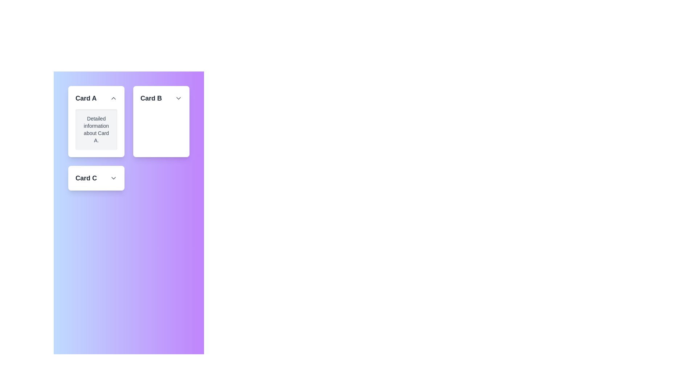 This screenshot has height=392, width=697. What do you see at coordinates (96, 129) in the screenshot?
I see `text content from the descriptive text box associated with 'Card A', located in the lower section of the card` at bounding box center [96, 129].